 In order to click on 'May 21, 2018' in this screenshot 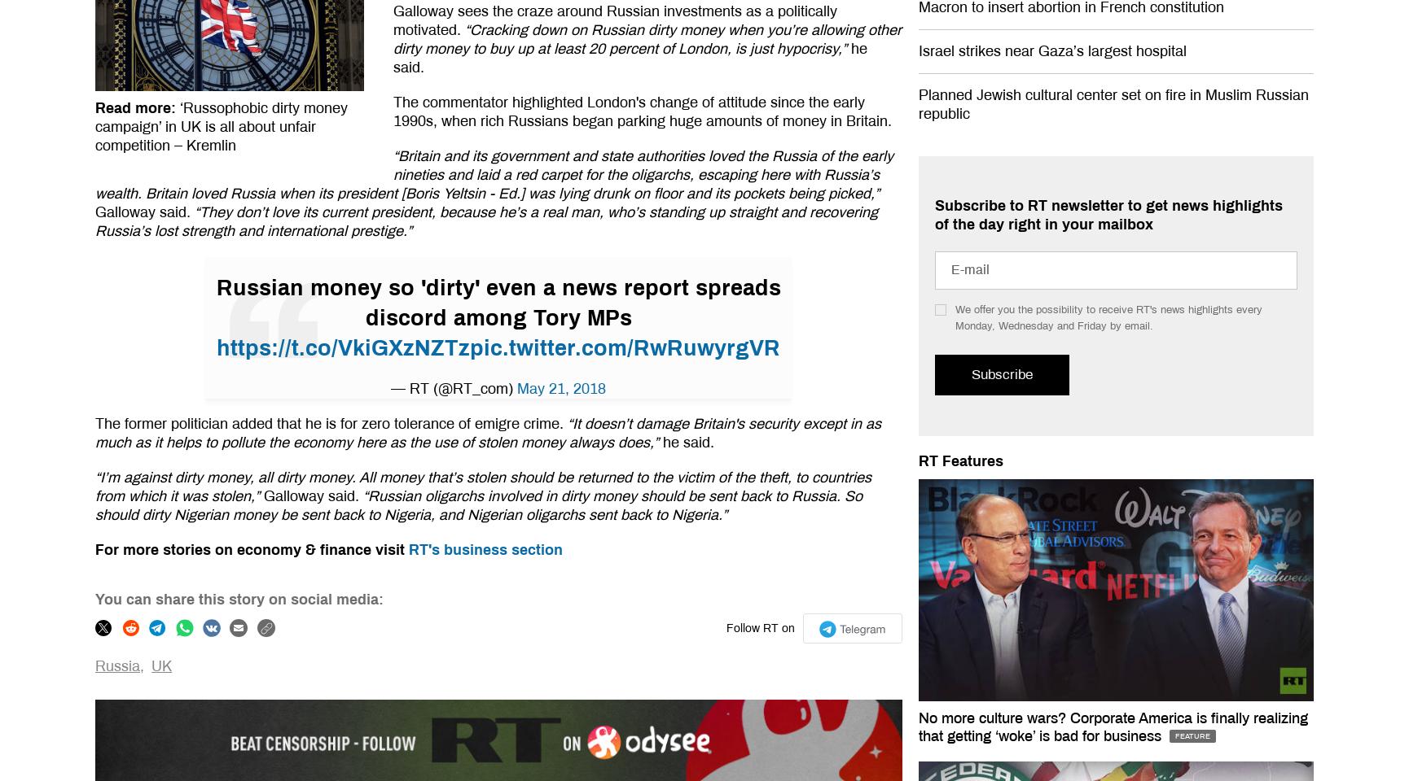, I will do `click(561, 388)`.